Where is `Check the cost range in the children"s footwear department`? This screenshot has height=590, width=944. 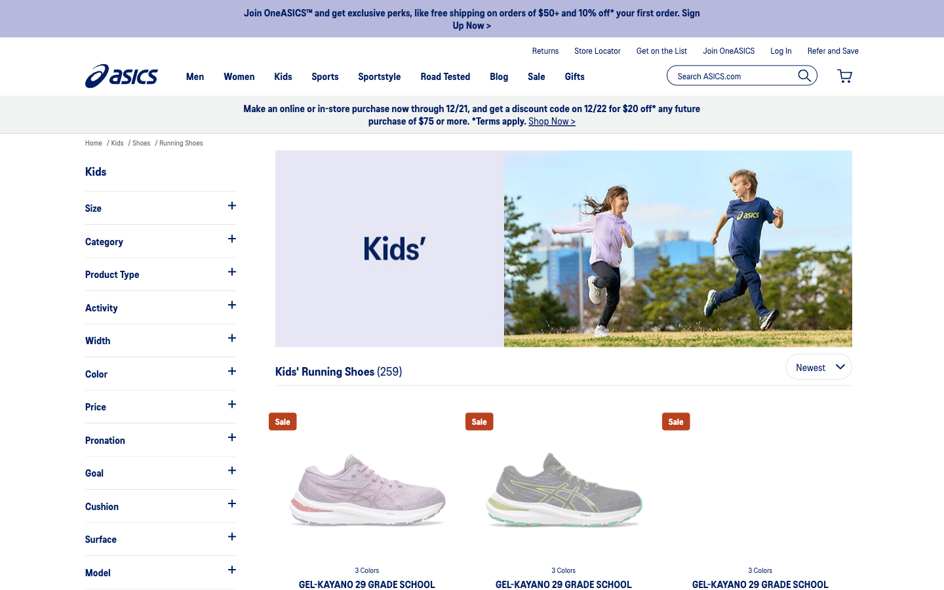 Check the cost range in the children"s footwear department is located at coordinates (159, 406).